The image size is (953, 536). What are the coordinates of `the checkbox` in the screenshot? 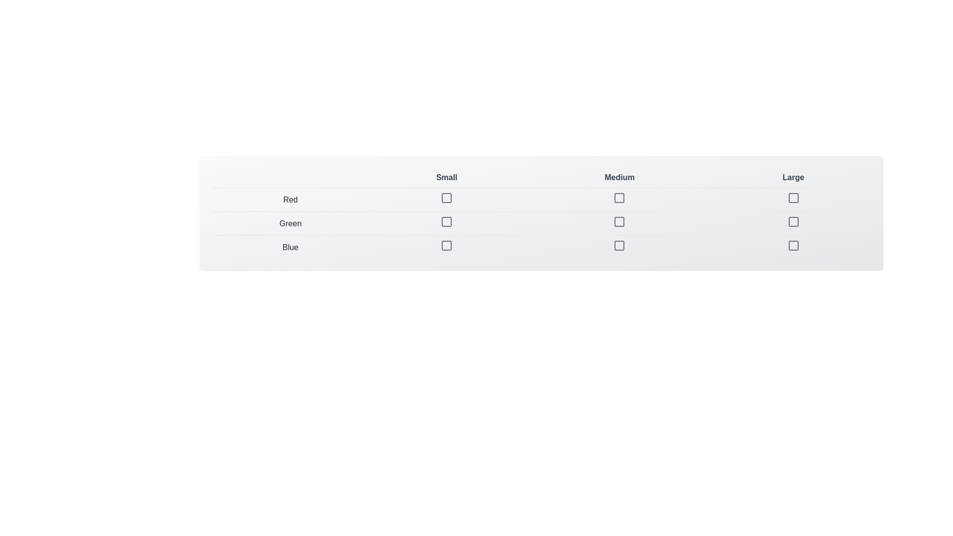 It's located at (446, 200).